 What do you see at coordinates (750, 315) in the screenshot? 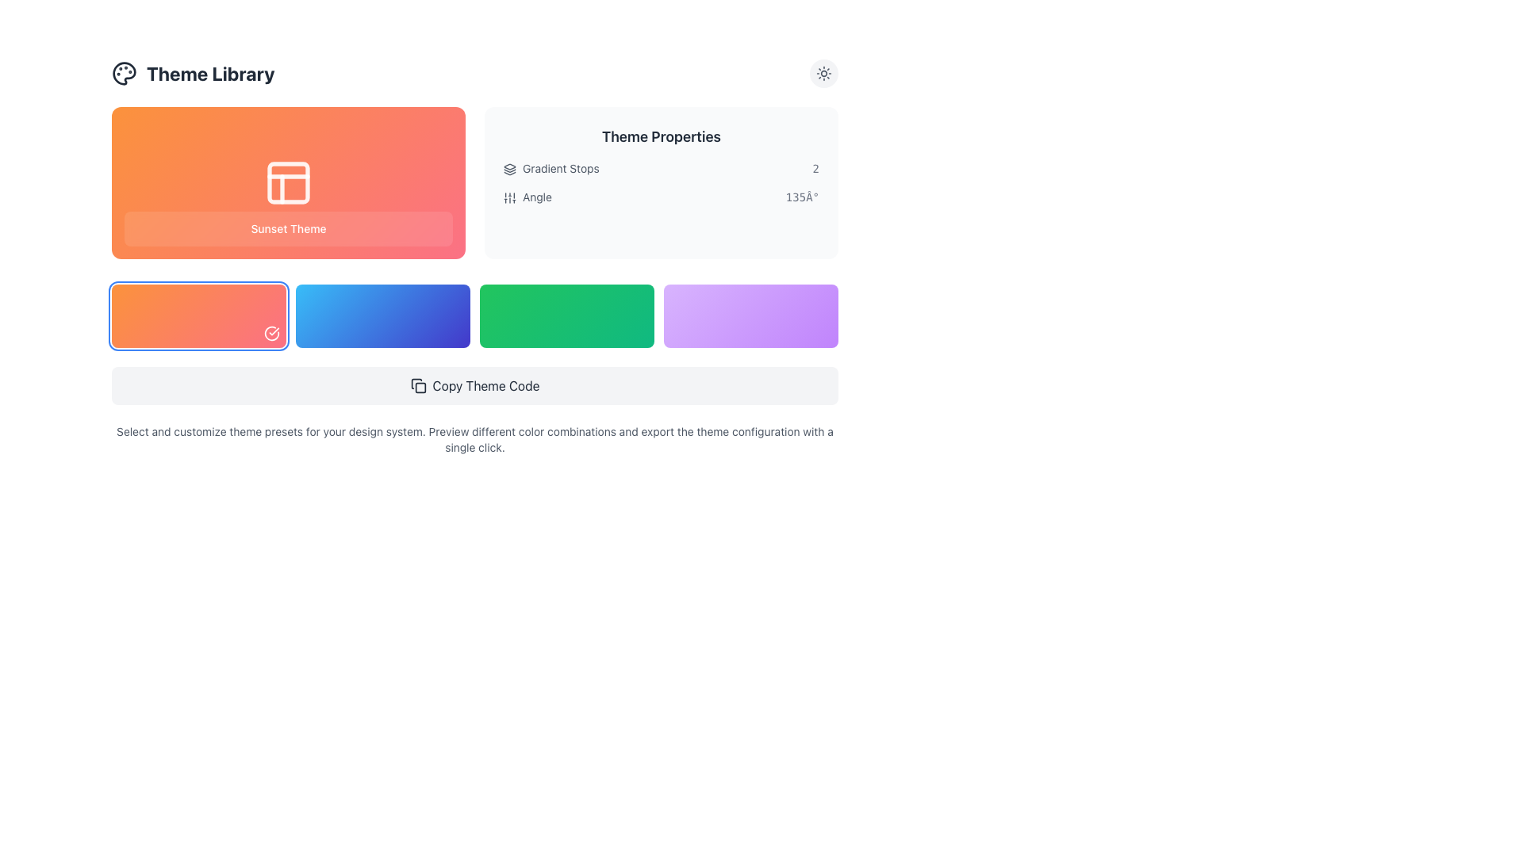
I see `the button located at the bottom right of the grid layout to trigger the hover state` at bounding box center [750, 315].